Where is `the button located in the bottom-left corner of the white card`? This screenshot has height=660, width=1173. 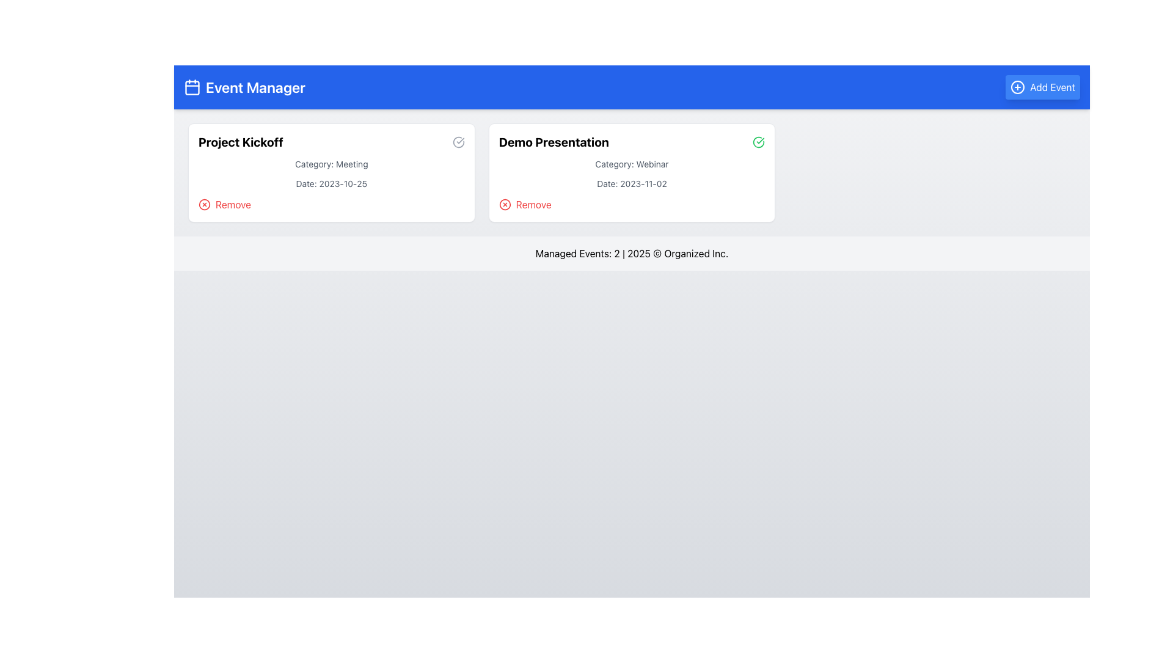
the button located in the bottom-left corner of the white card is located at coordinates (225, 204).